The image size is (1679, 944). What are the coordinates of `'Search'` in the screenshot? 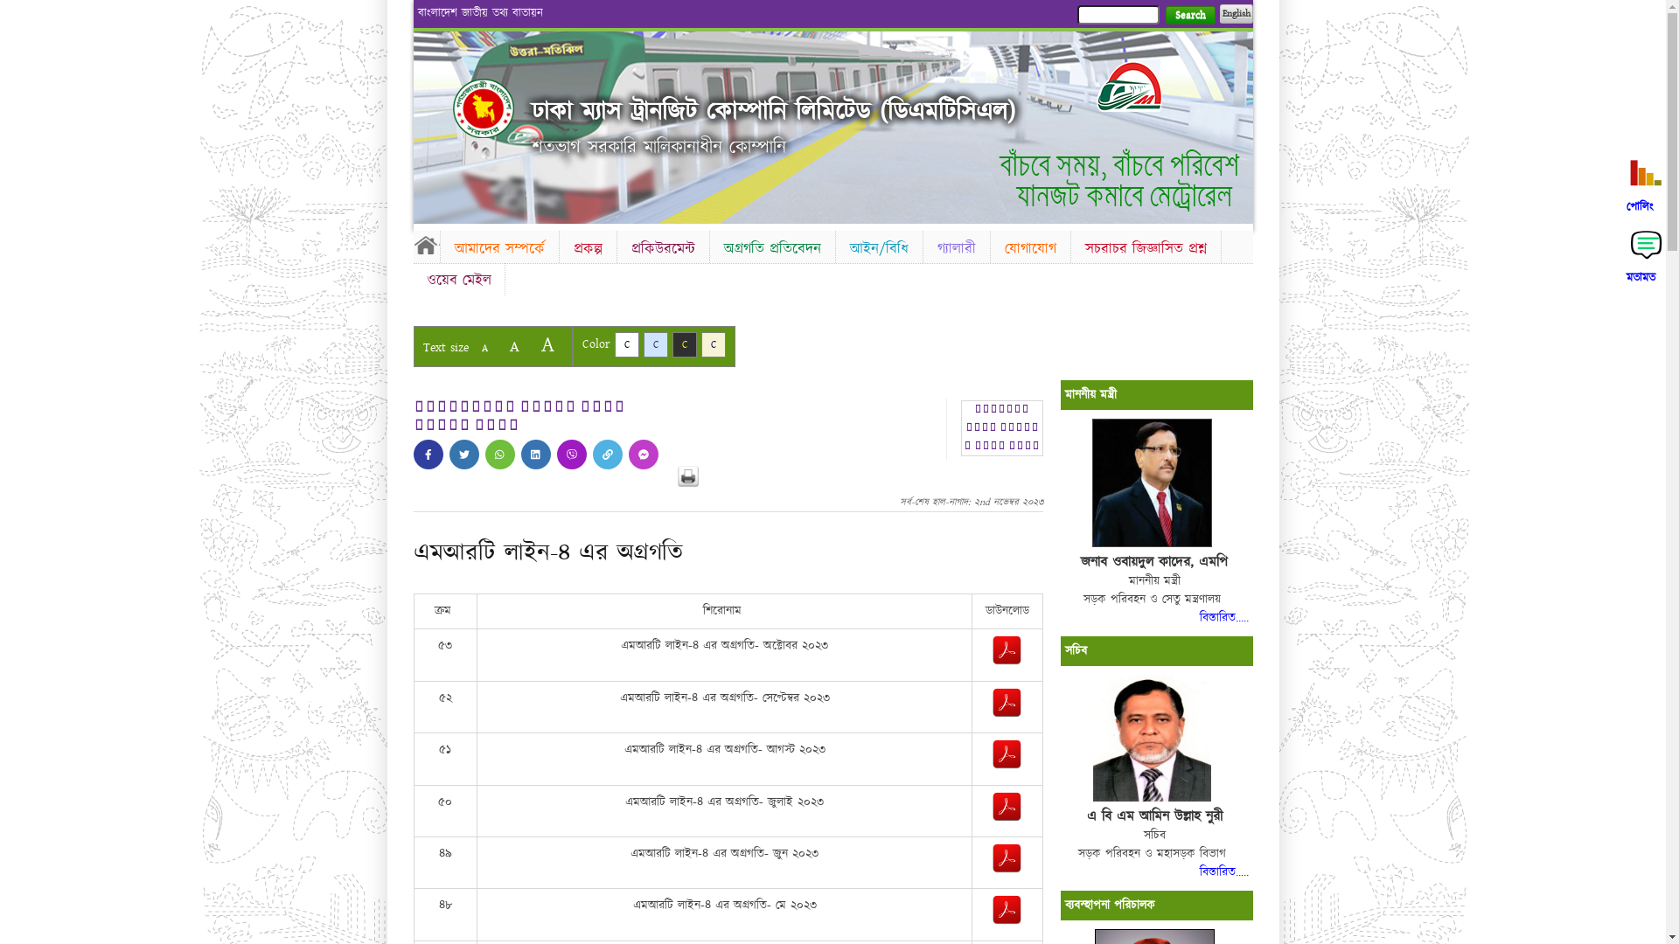 It's located at (1189, 15).